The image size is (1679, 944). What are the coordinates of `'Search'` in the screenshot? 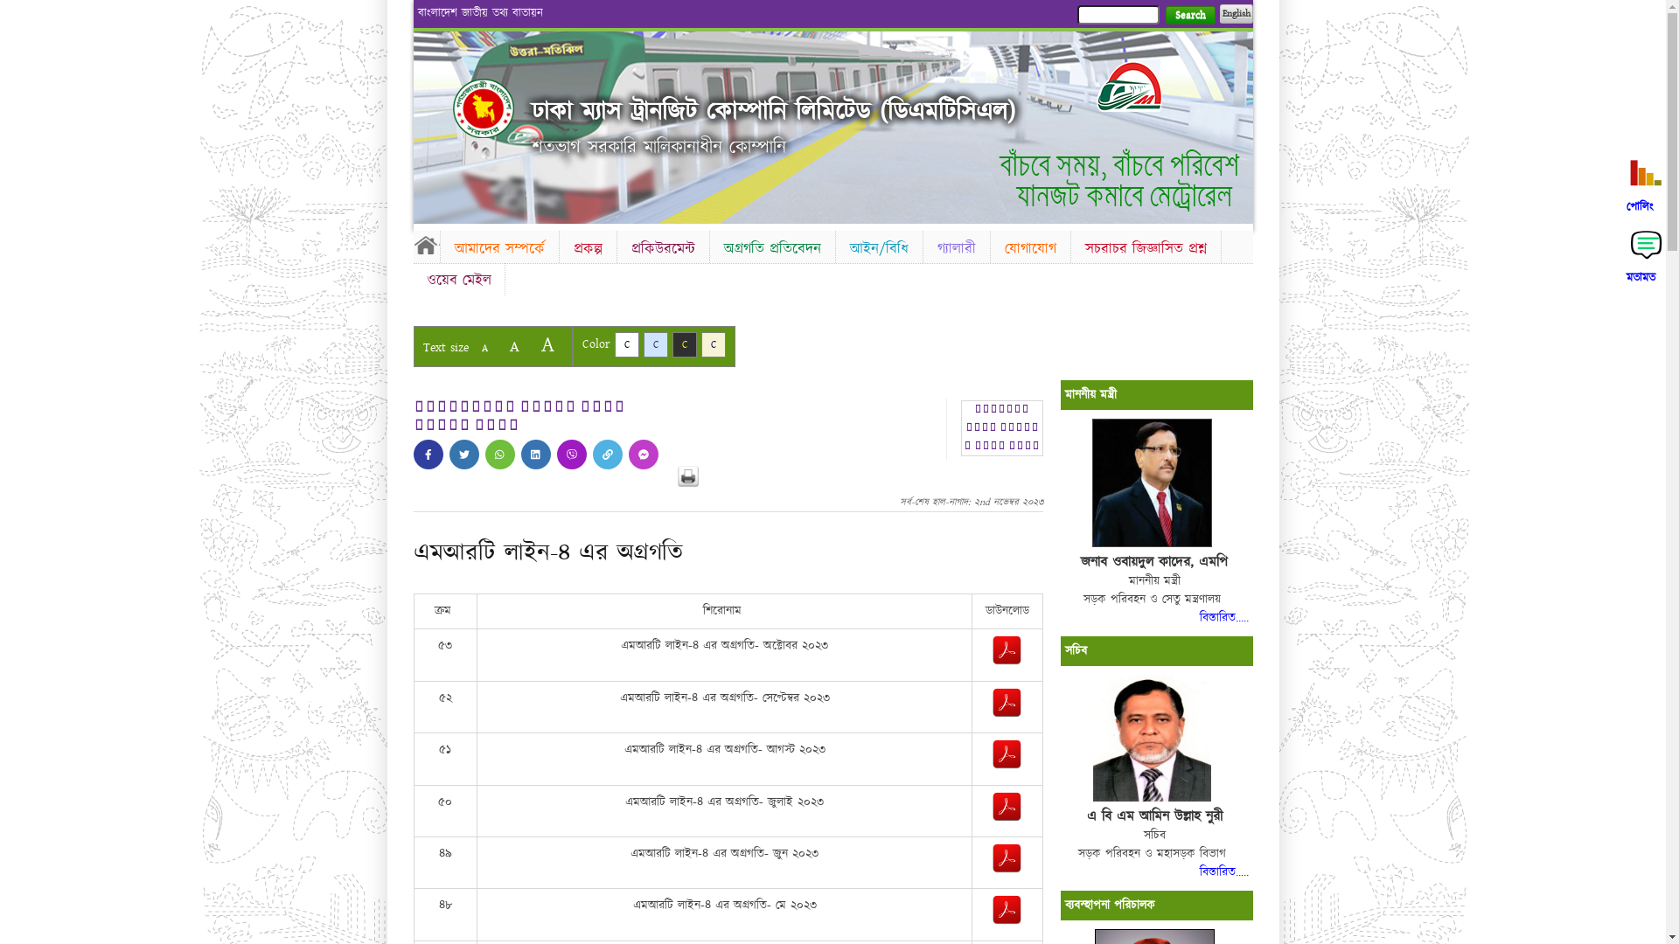 It's located at (1189, 15).